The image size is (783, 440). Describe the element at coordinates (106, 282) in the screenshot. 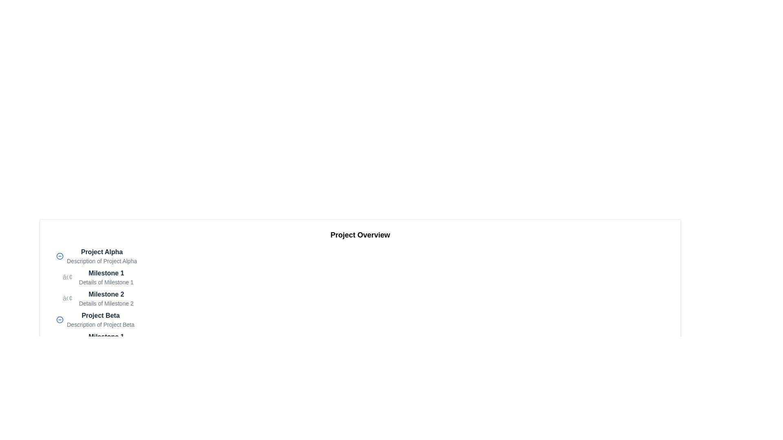

I see `the text label that displays 'Details of Milestone 1', which is styled with a small gray font and located below the bolder 'Milestone 1' label` at that location.